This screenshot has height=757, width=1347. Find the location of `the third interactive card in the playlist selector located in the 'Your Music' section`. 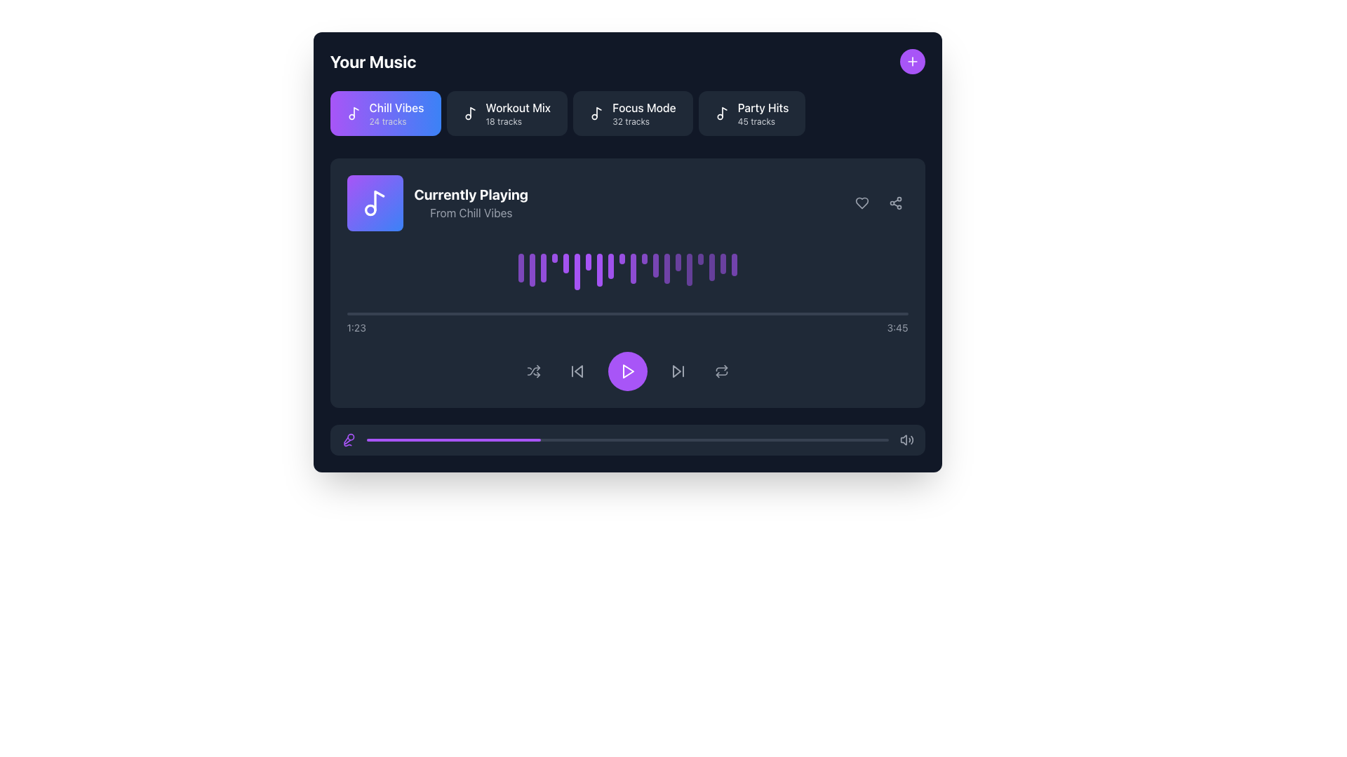

the third interactive card in the playlist selector located in the 'Your Music' section is located at coordinates (626, 115).